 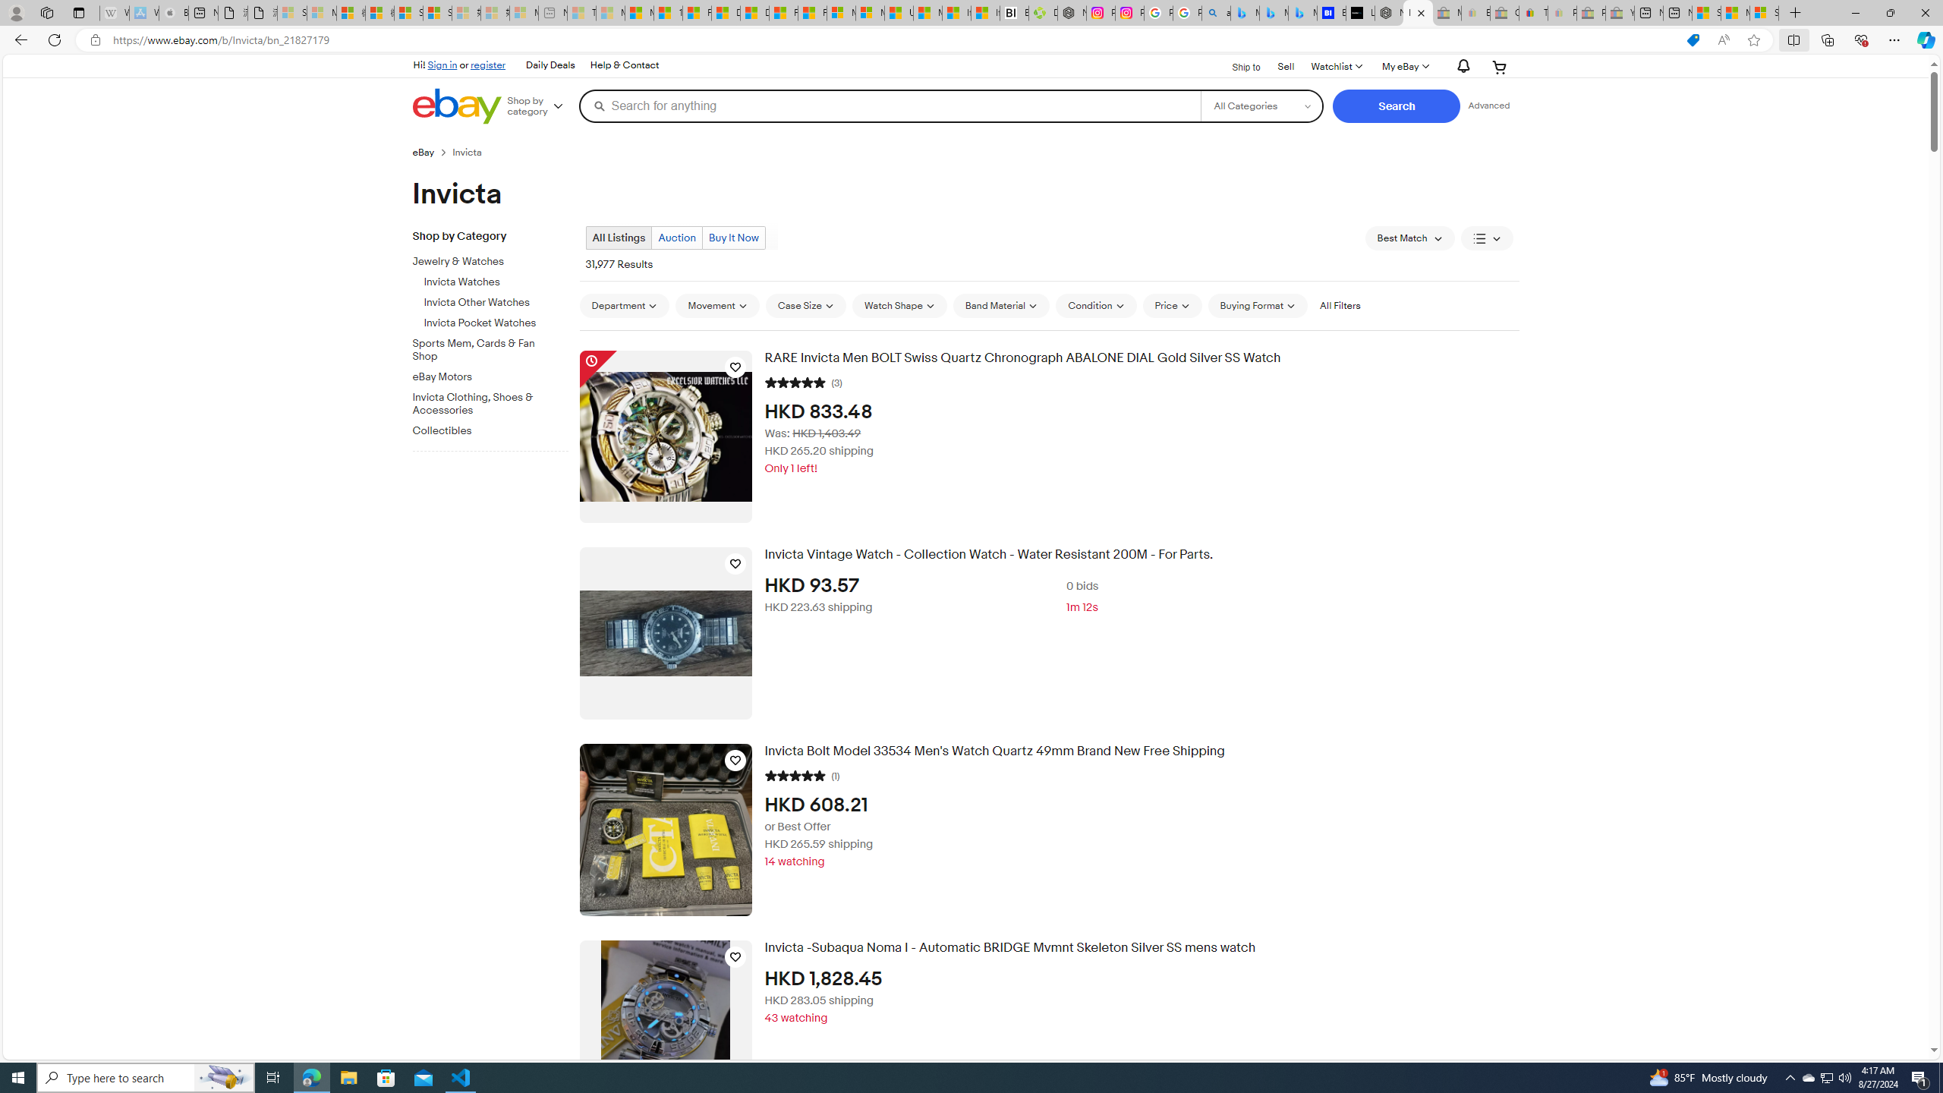 I want to click on 'Help & Contact', so click(x=622, y=65).